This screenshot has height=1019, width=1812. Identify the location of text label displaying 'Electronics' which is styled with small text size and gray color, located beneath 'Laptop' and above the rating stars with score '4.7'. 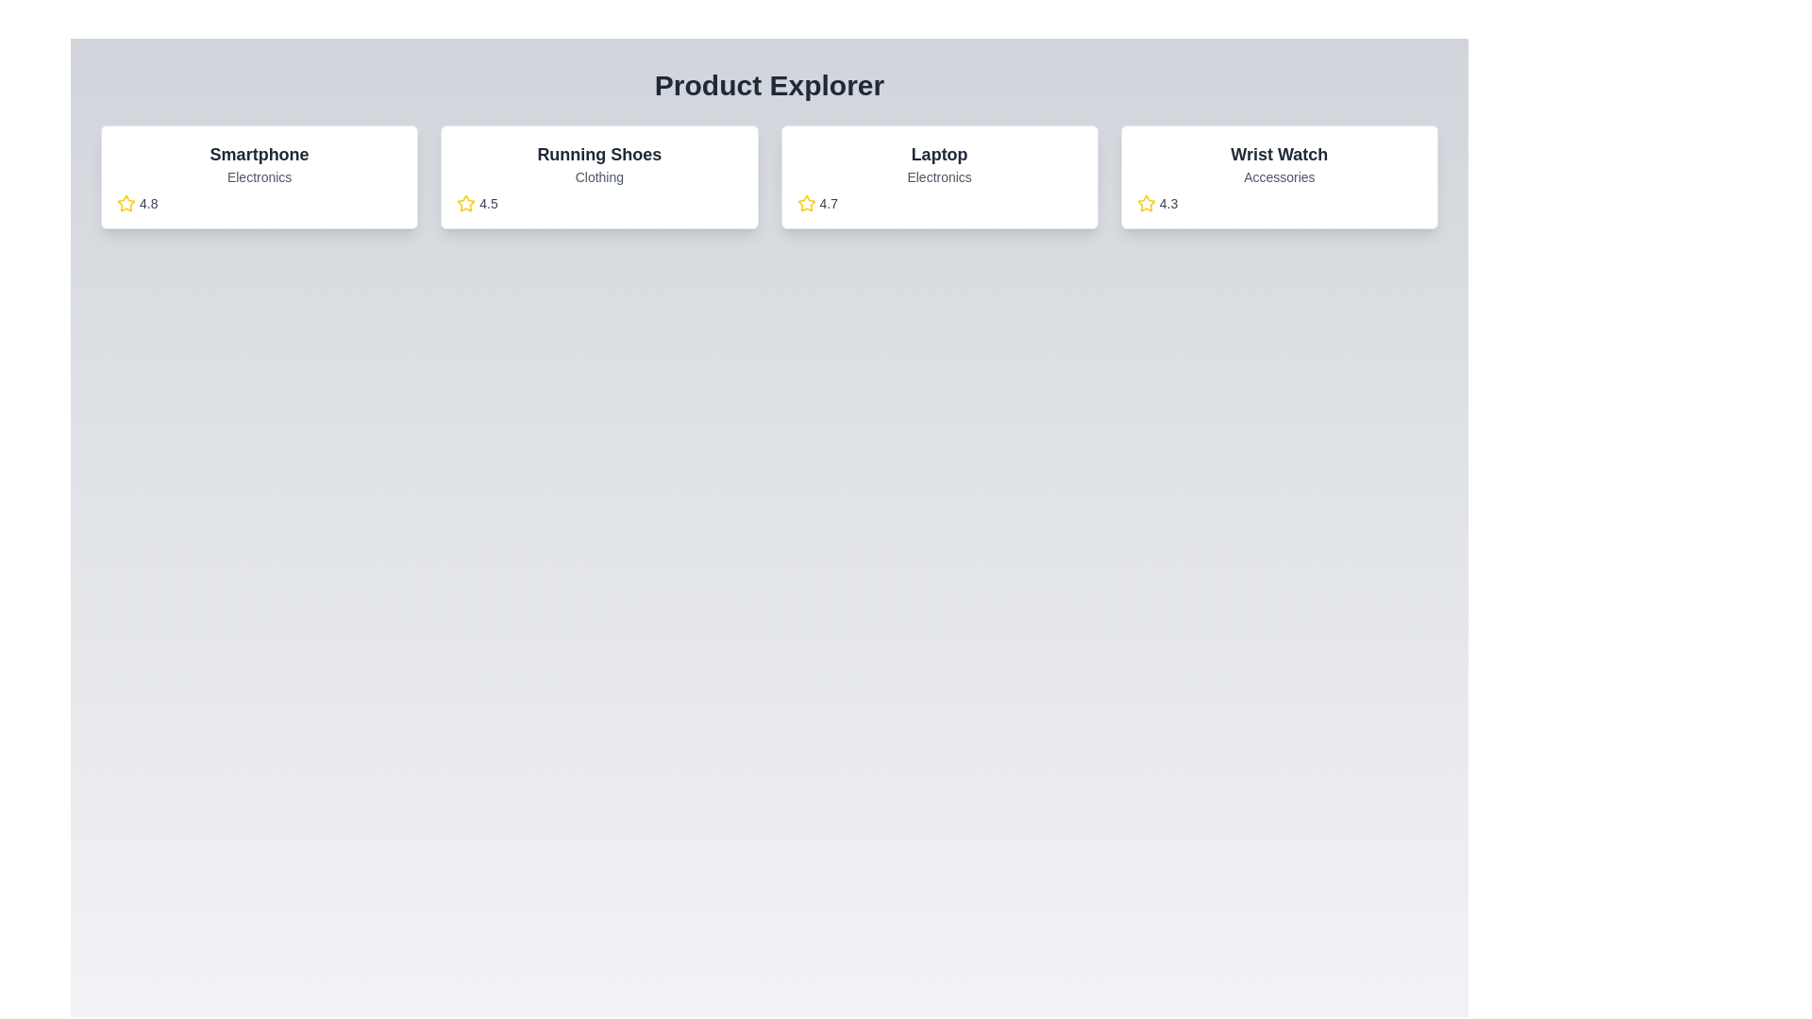
(939, 177).